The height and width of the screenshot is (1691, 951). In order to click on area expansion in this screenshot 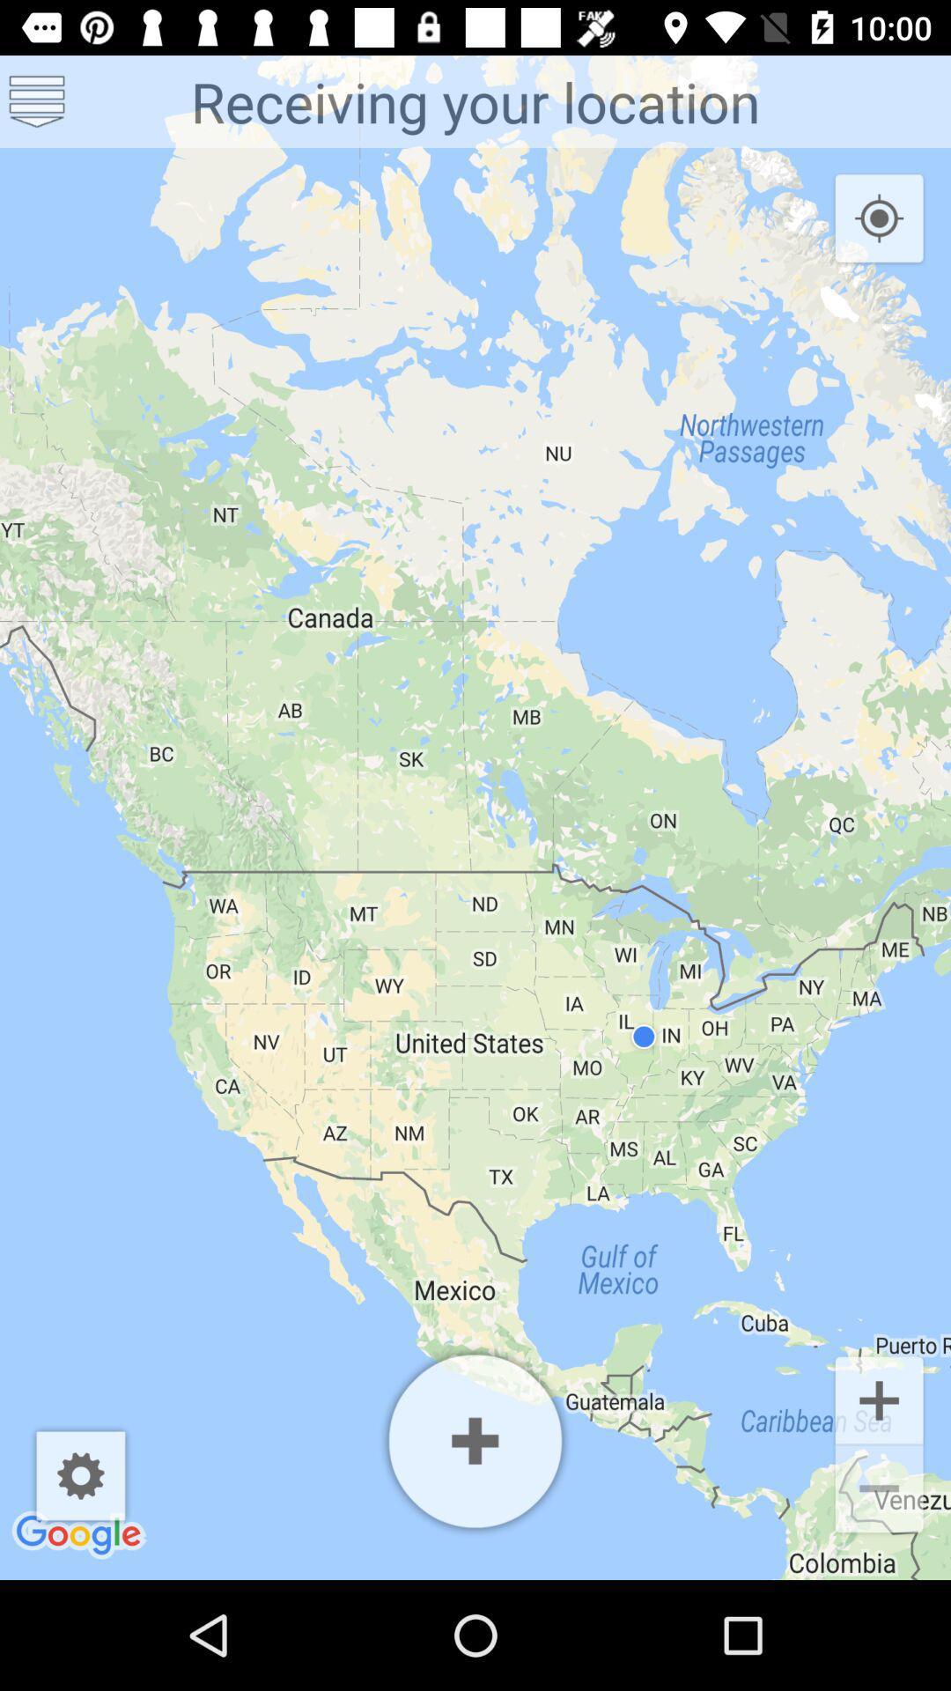, I will do `click(475, 1441)`.